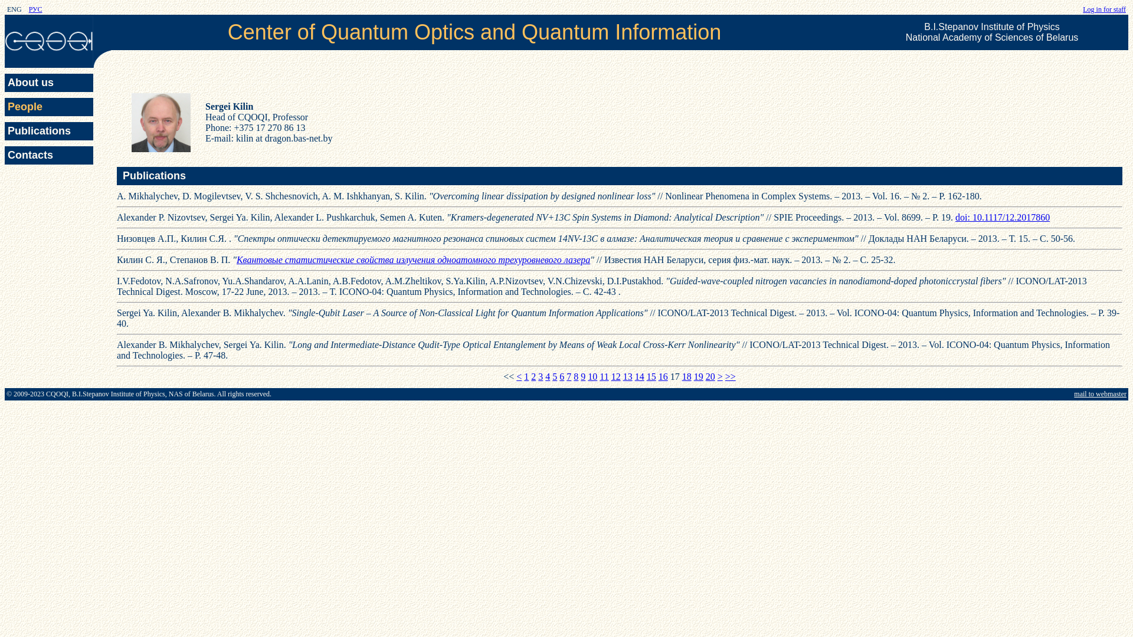  I want to click on '19', so click(694, 376).